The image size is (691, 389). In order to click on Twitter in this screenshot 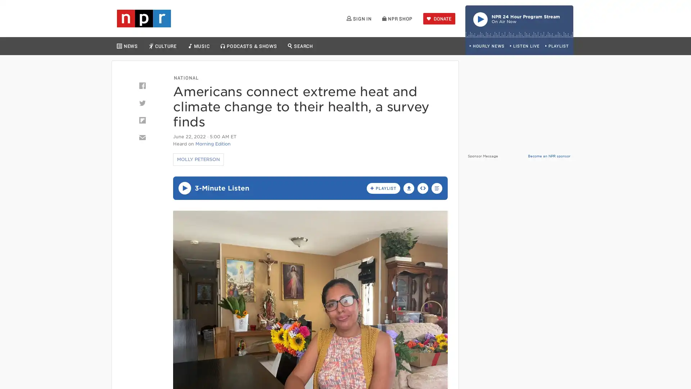, I will do `click(142, 103)`.